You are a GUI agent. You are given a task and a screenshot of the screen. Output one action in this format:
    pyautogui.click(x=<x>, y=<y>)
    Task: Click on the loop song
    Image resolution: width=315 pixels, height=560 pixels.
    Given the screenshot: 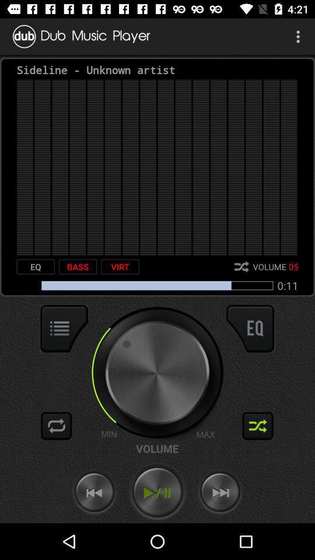 What is the action you would take?
    pyautogui.click(x=56, y=425)
    